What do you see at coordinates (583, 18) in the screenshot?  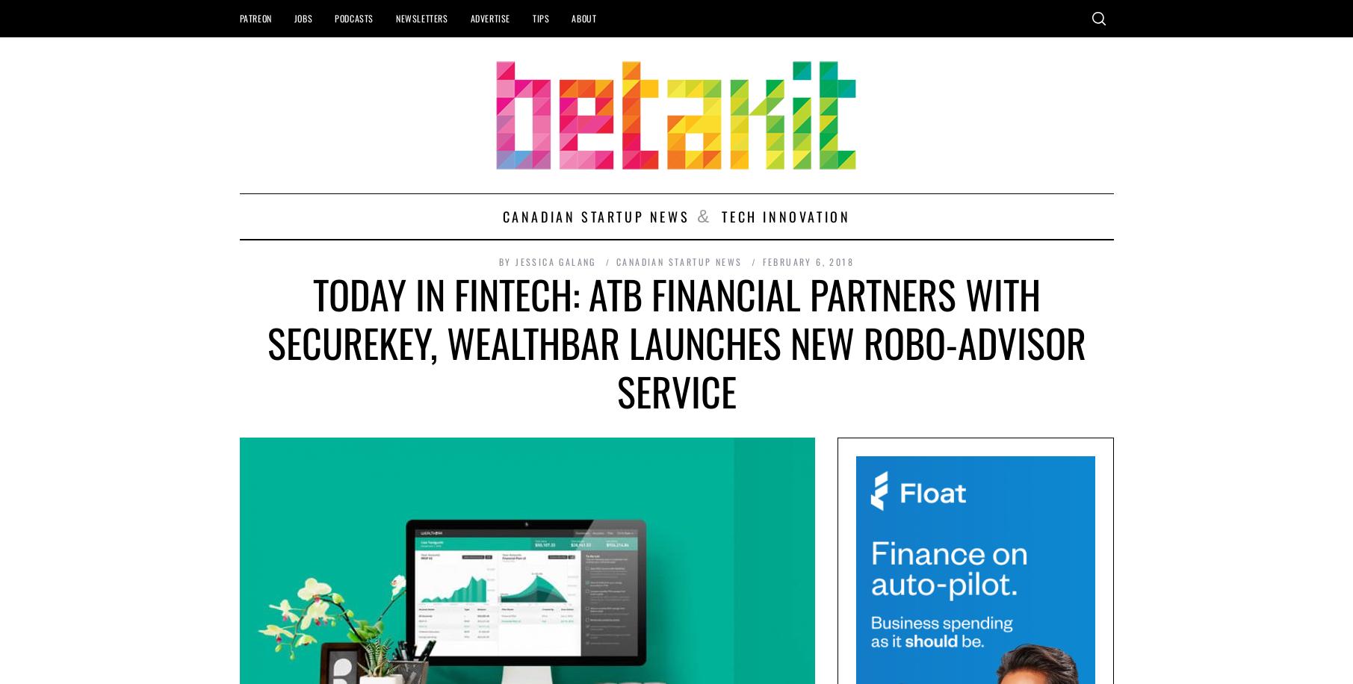 I see `'About'` at bounding box center [583, 18].